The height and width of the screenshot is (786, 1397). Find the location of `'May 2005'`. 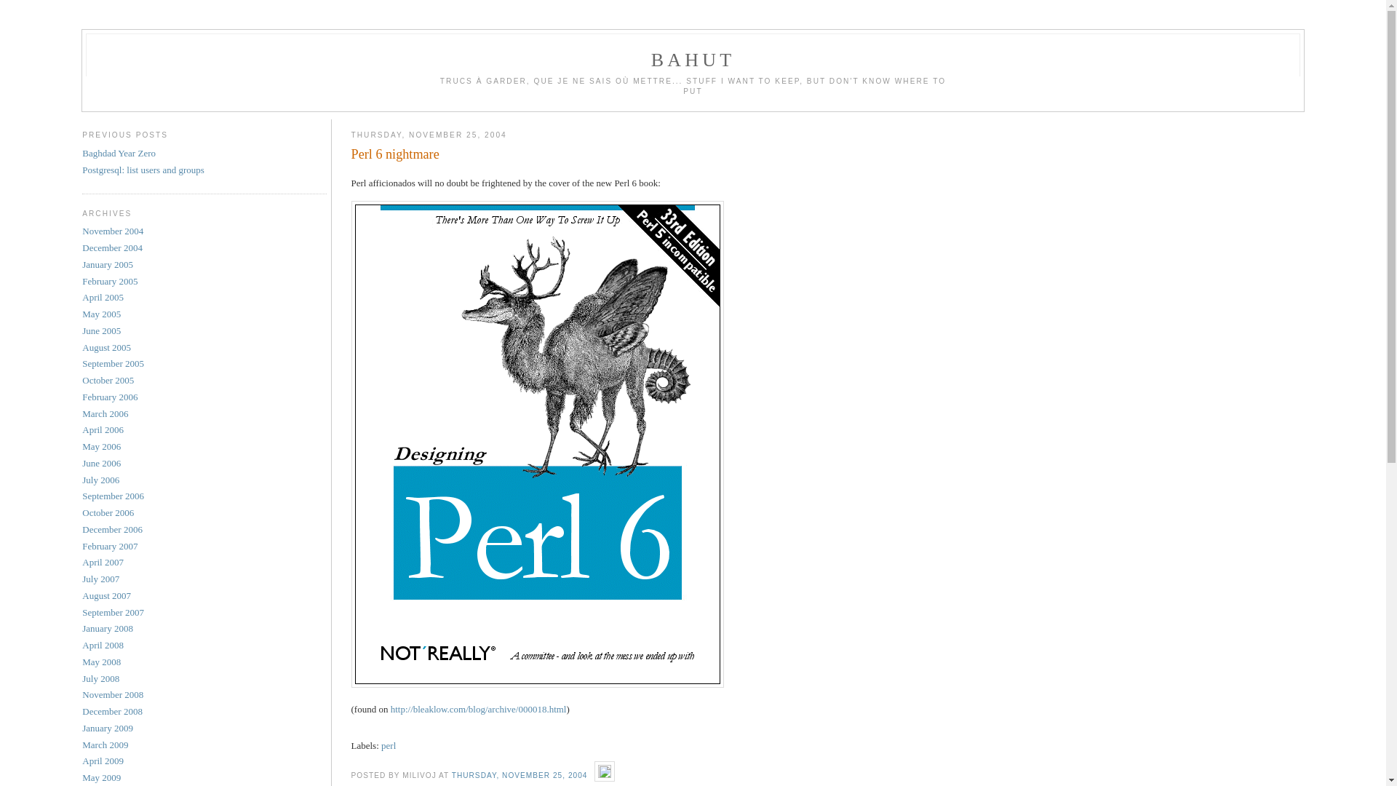

'May 2005' is located at coordinates (100, 313).